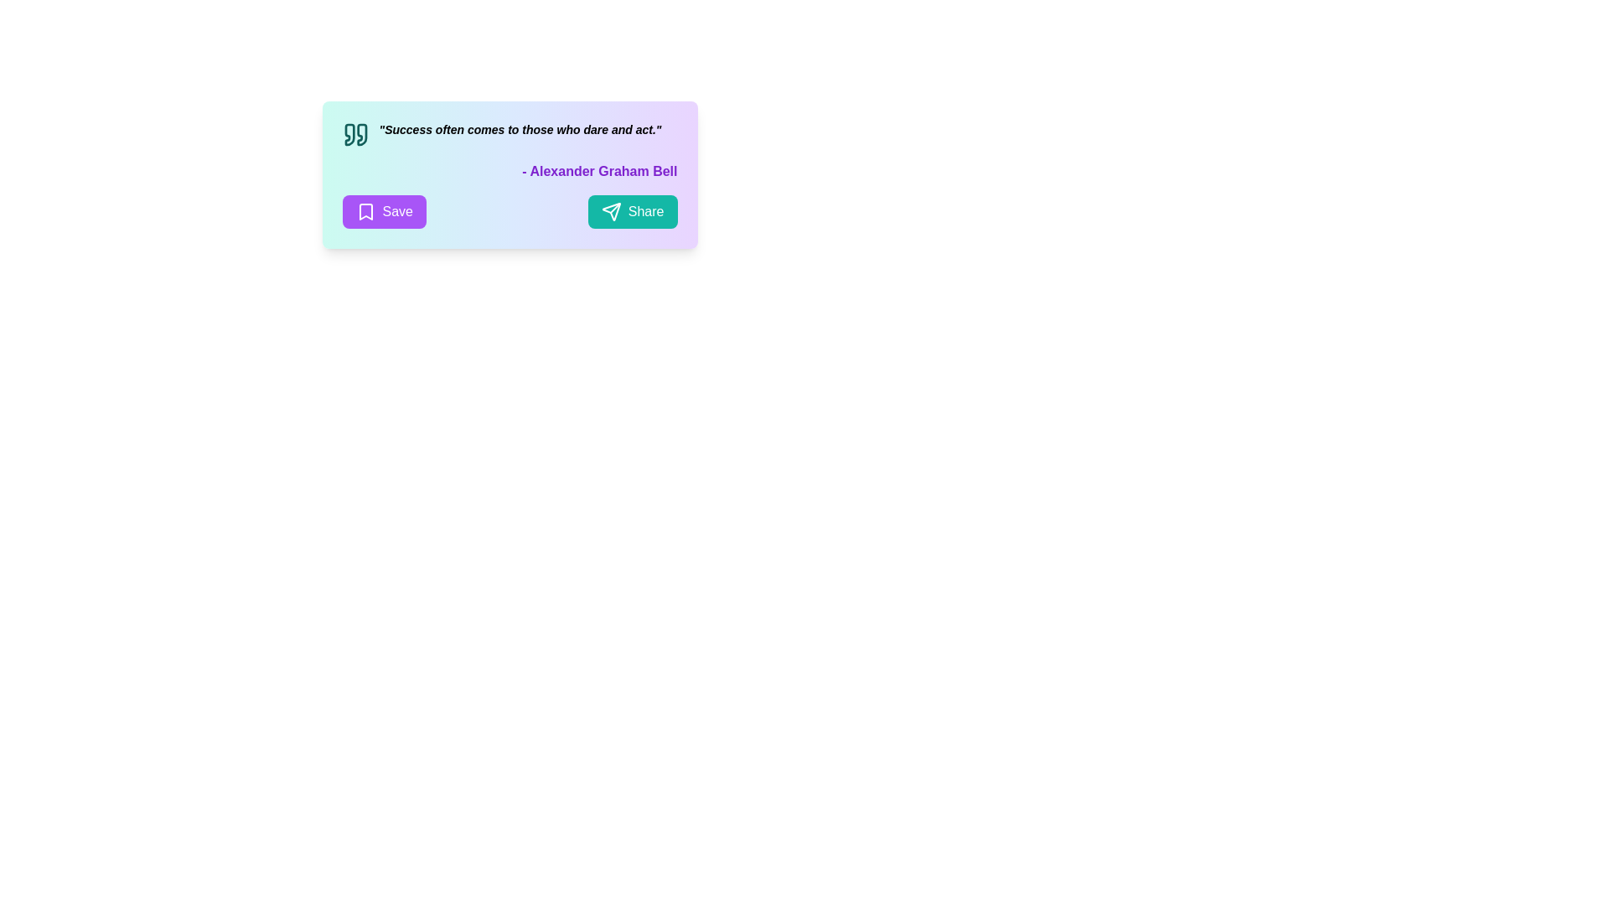 The height and width of the screenshot is (905, 1609). I want to click on the bookmark icon, which is the leftmost icon within the 'Save' button, positioned slightly to the left of the center of the button, so click(365, 211).